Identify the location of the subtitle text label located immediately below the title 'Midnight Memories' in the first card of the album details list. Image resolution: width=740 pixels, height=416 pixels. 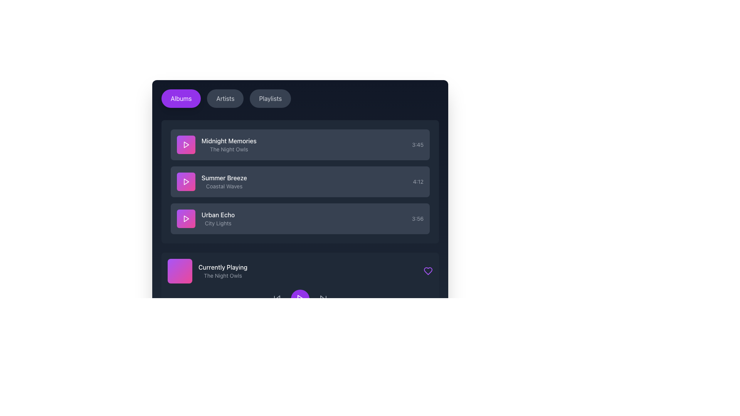
(229, 149).